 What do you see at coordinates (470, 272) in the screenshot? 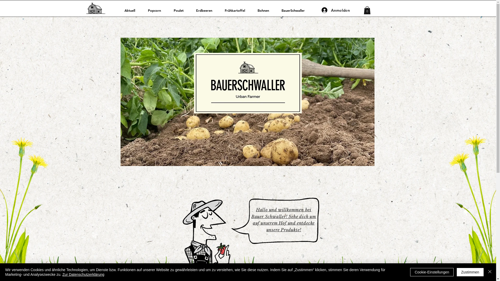
I see `'Zustimmen'` at bounding box center [470, 272].